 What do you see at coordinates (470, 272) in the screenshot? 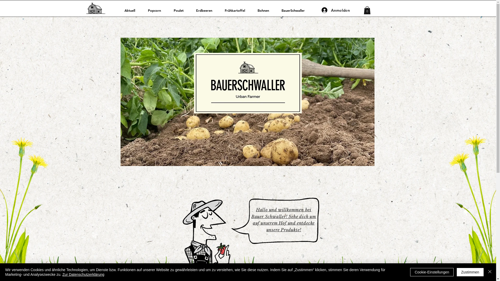
I see `'Zustimmen'` at bounding box center [470, 272].